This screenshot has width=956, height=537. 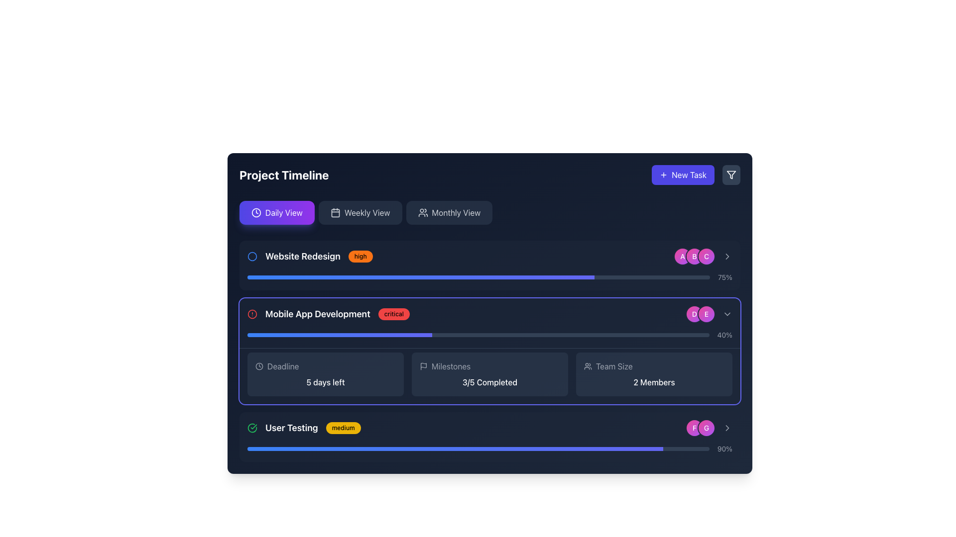 What do you see at coordinates (613, 366) in the screenshot?
I see `the text label that categorizes the adjacent numeric representation of team members, located in the lower-right section of the 'Mobile App Development' task card, to the left of the team members' count` at bounding box center [613, 366].